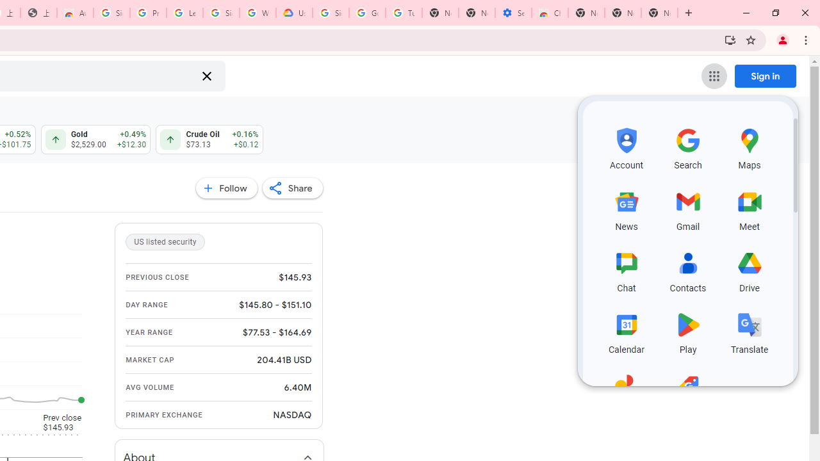 This screenshot has height=461, width=820. Describe the element at coordinates (74, 13) in the screenshot. I see `'Awesome Screen Recorder & Screenshot - Chrome Web Store'` at that location.